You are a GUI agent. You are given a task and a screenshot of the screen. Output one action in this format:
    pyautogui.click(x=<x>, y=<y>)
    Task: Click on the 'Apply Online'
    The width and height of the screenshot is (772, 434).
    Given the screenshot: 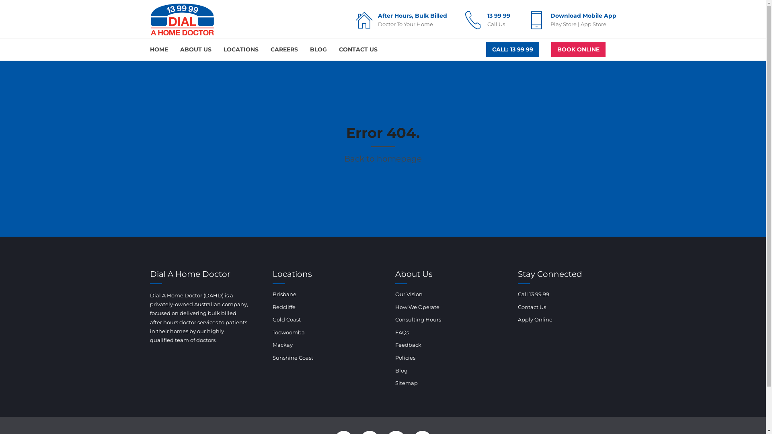 What is the action you would take?
    pyautogui.click(x=517, y=319)
    